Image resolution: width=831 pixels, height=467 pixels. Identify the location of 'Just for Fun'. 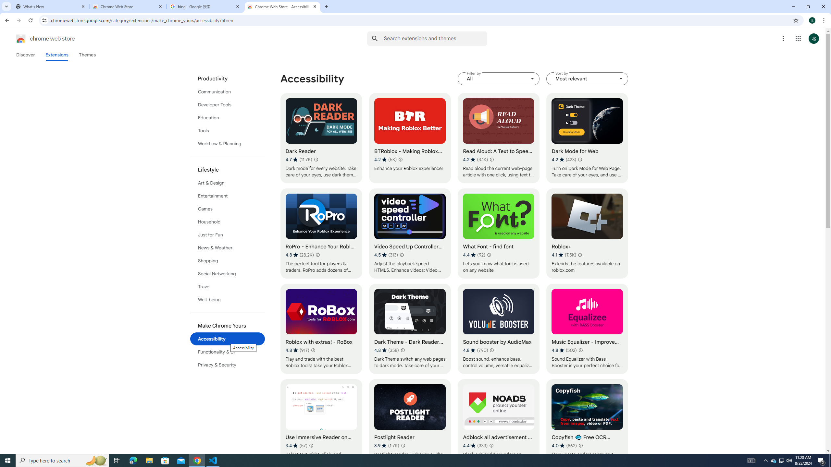
(228, 234).